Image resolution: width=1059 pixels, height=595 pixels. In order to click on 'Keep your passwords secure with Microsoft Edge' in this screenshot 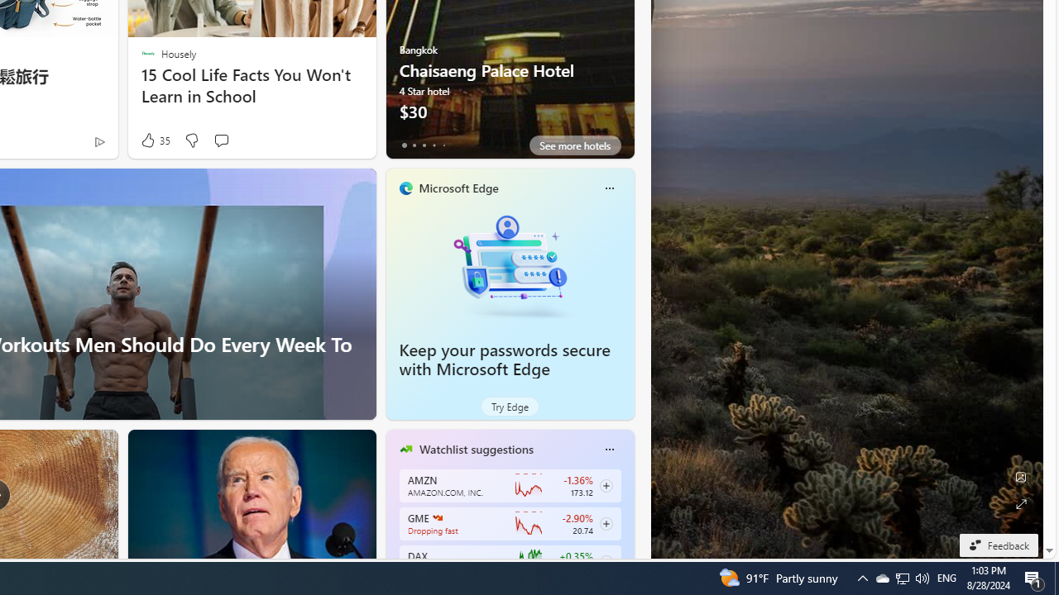, I will do `click(509, 264)`.